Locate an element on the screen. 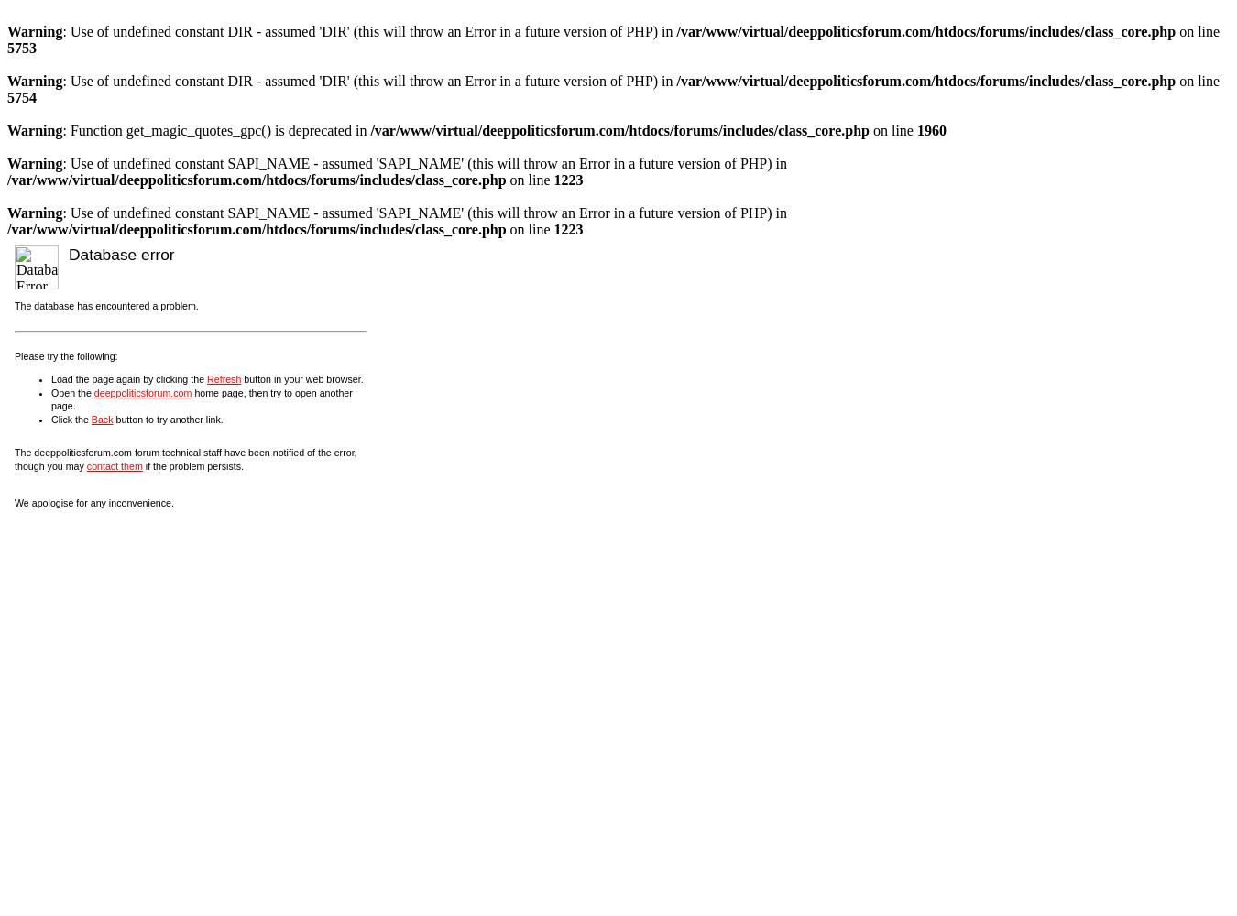  'We apologise for any inconvenience.' is located at coordinates (93, 503).